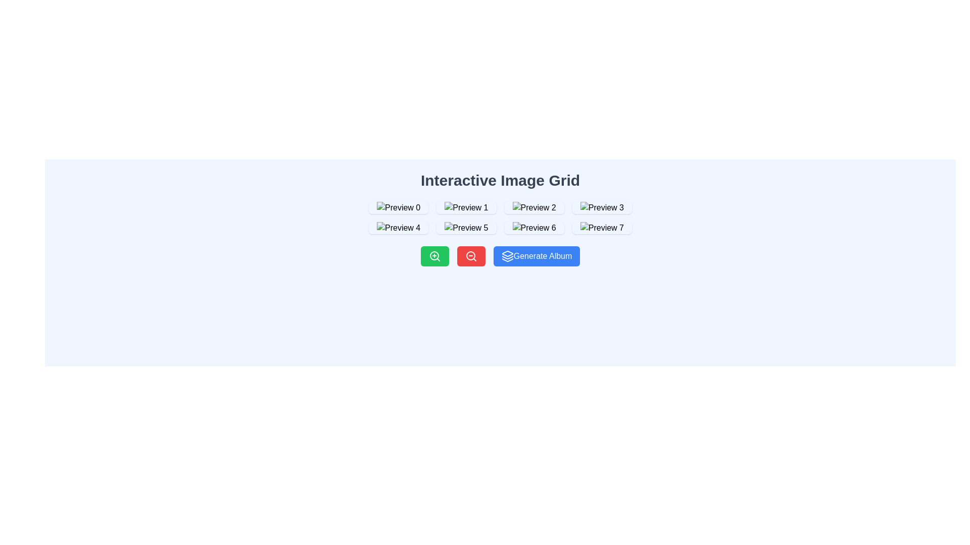 This screenshot has width=970, height=545. Describe the element at coordinates (500, 256) in the screenshot. I see `the blue rectangular button labeled 'Generate Album' with a white icon resembling stacked sheets` at that location.